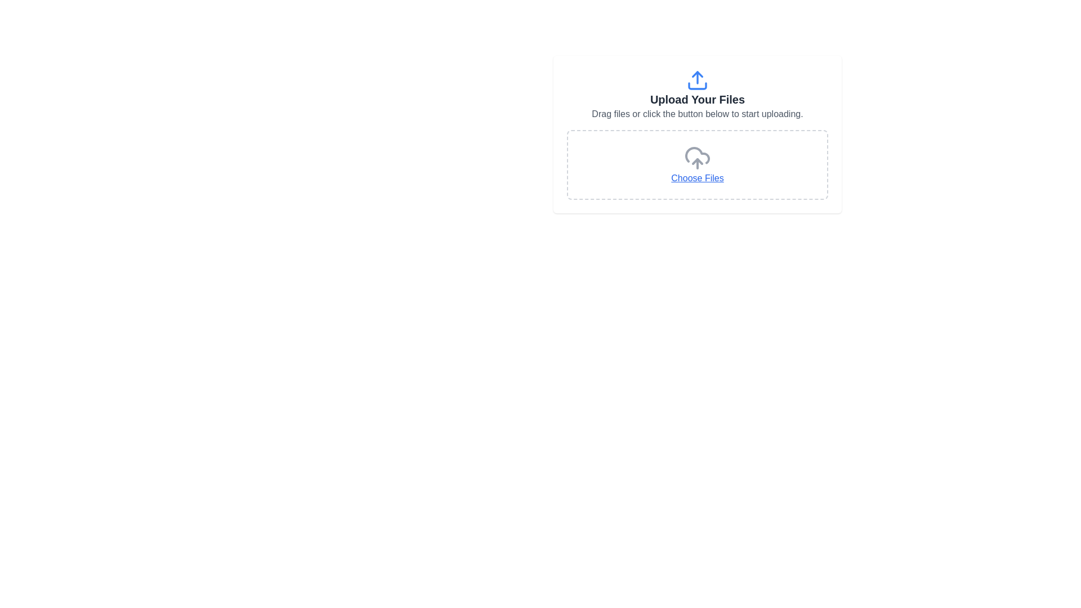 The image size is (1081, 608). What do you see at coordinates (696, 158) in the screenshot?
I see `the gray-colored cloud icon with an upward-facing arrow, indicating file upload functionality, located above the blue underlined text 'Choose Files'` at bounding box center [696, 158].